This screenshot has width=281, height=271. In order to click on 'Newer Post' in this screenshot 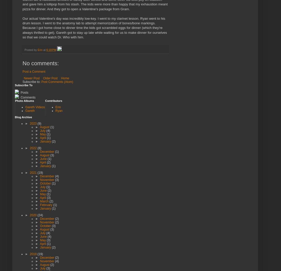, I will do `click(31, 78)`.